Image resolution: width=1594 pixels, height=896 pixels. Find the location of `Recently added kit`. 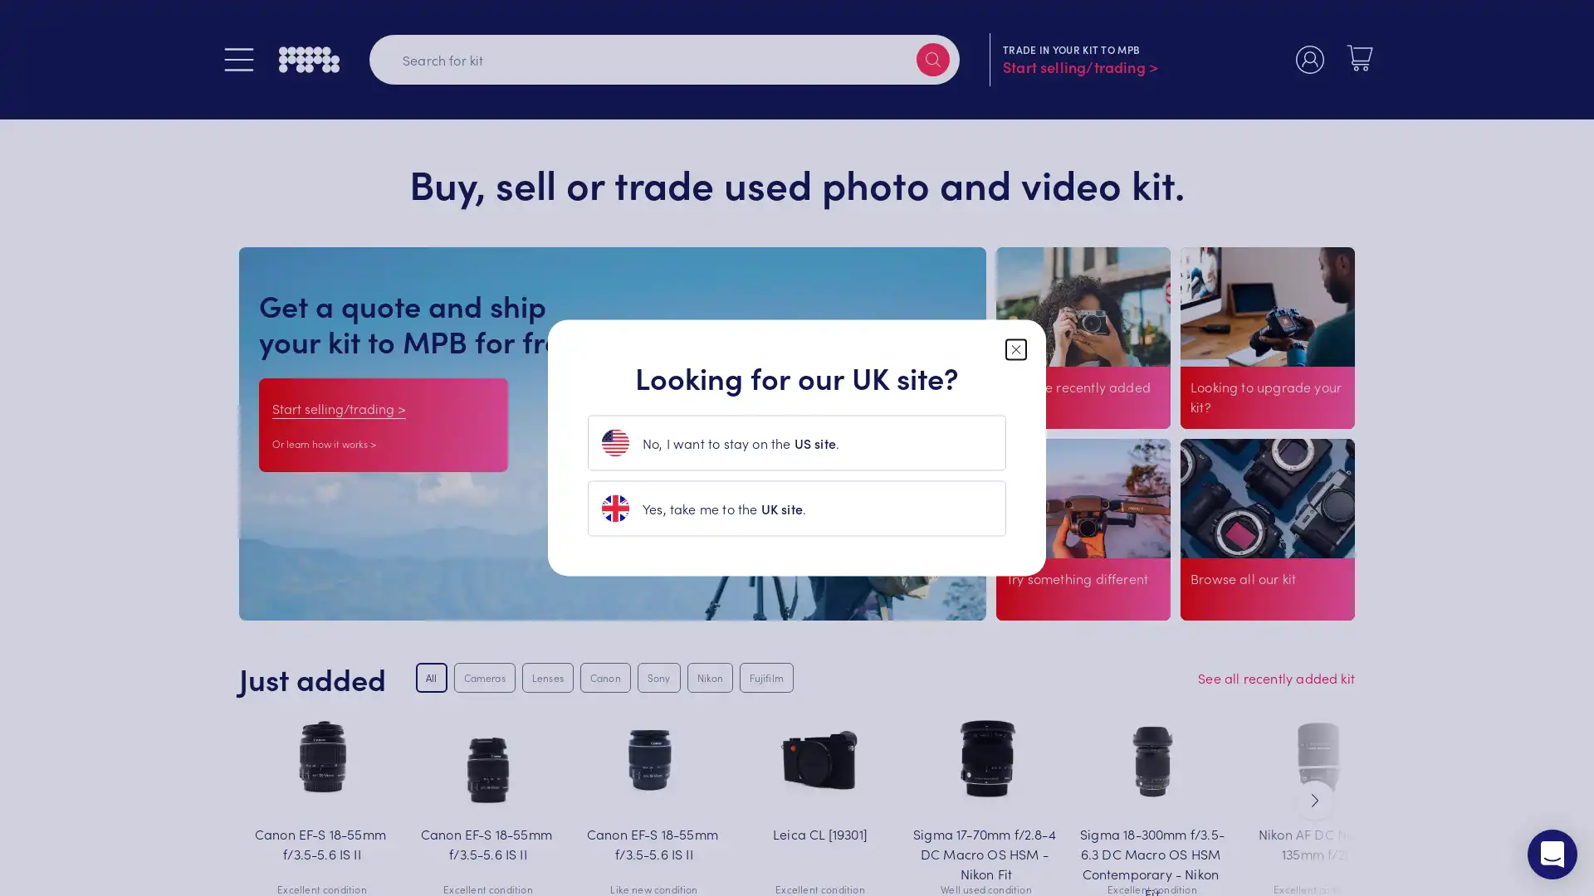

Recently added kit is located at coordinates (1061, 431).